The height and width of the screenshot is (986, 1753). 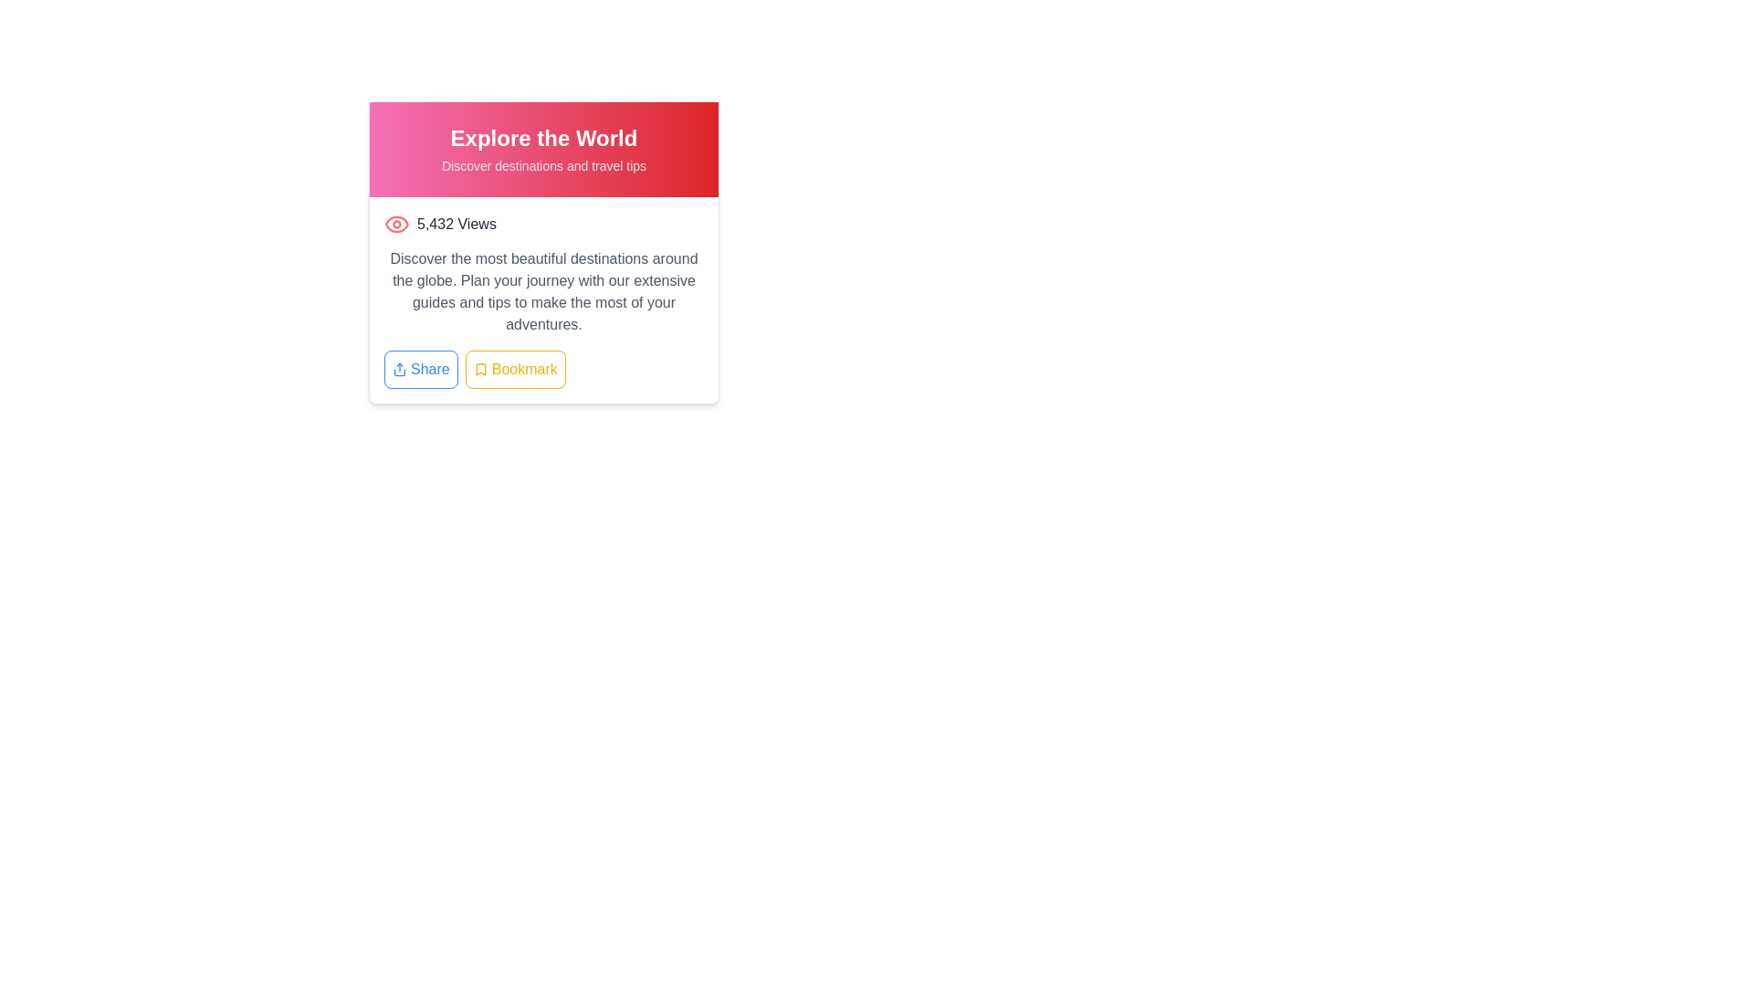 What do you see at coordinates (398, 370) in the screenshot?
I see `the sharing icon located to the left of the 'Share' button at the bottom-left of the card component` at bounding box center [398, 370].